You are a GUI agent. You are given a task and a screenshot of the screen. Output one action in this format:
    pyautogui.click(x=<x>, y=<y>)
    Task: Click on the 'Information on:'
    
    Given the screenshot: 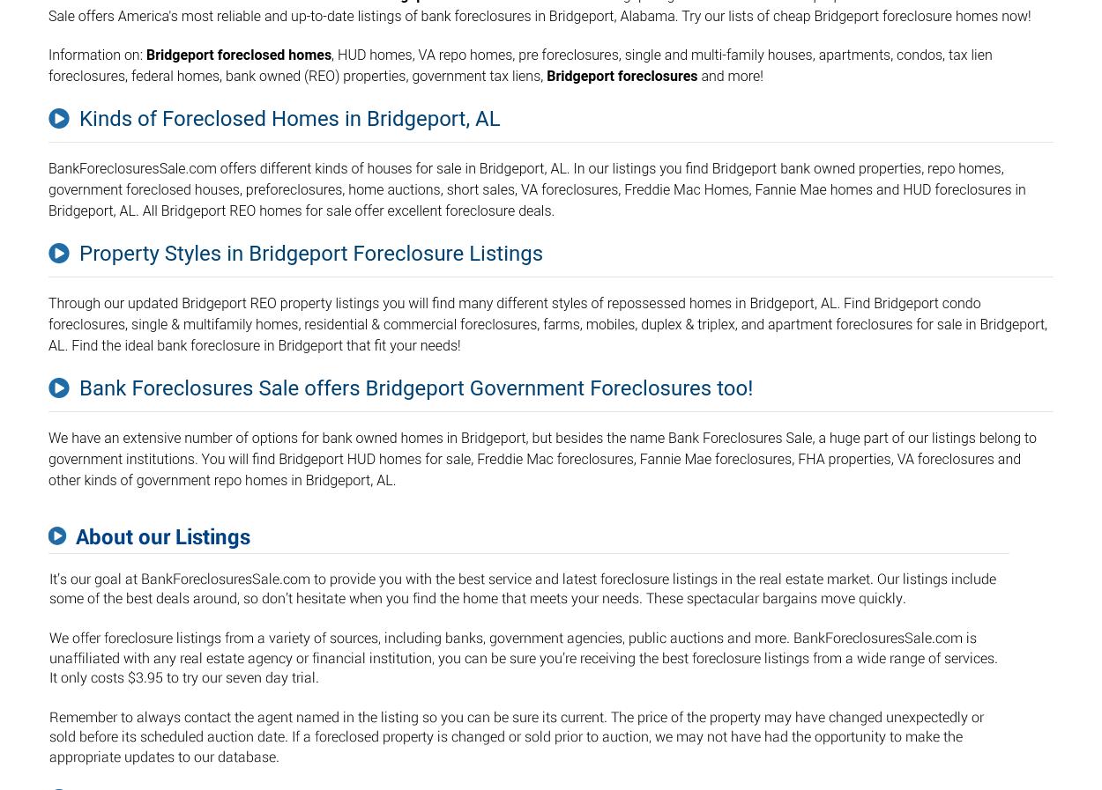 What is the action you would take?
    pyautogui.click(x=96, y=54)
    